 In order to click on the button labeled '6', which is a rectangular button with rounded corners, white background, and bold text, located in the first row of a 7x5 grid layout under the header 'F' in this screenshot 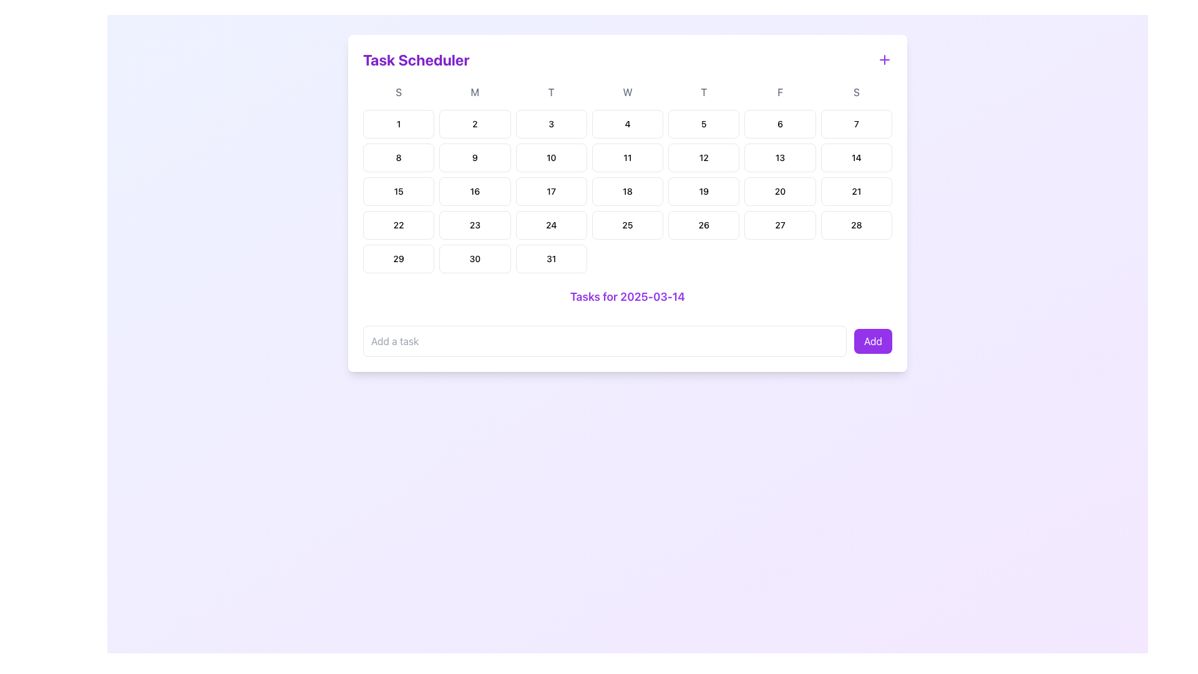, I will do `click(779, 124)`.